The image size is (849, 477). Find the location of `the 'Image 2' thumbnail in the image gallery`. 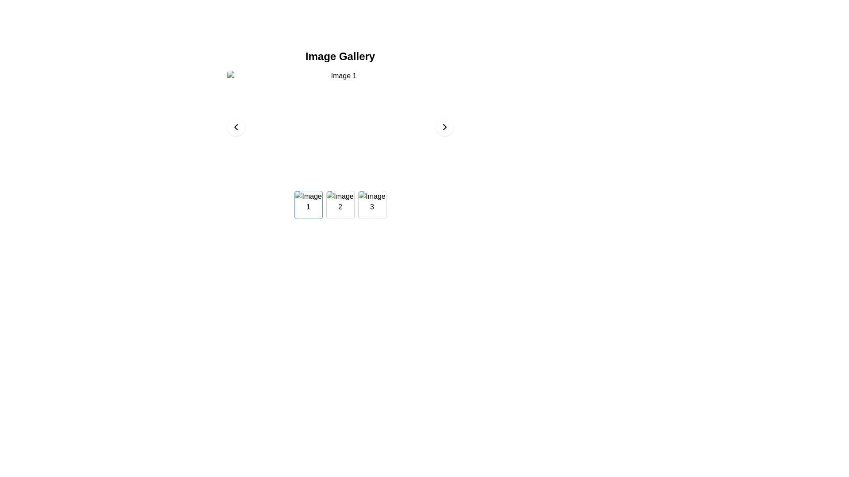

the 'Image 2' thumbnail in the image gallery is located at coordinates (340, 204).